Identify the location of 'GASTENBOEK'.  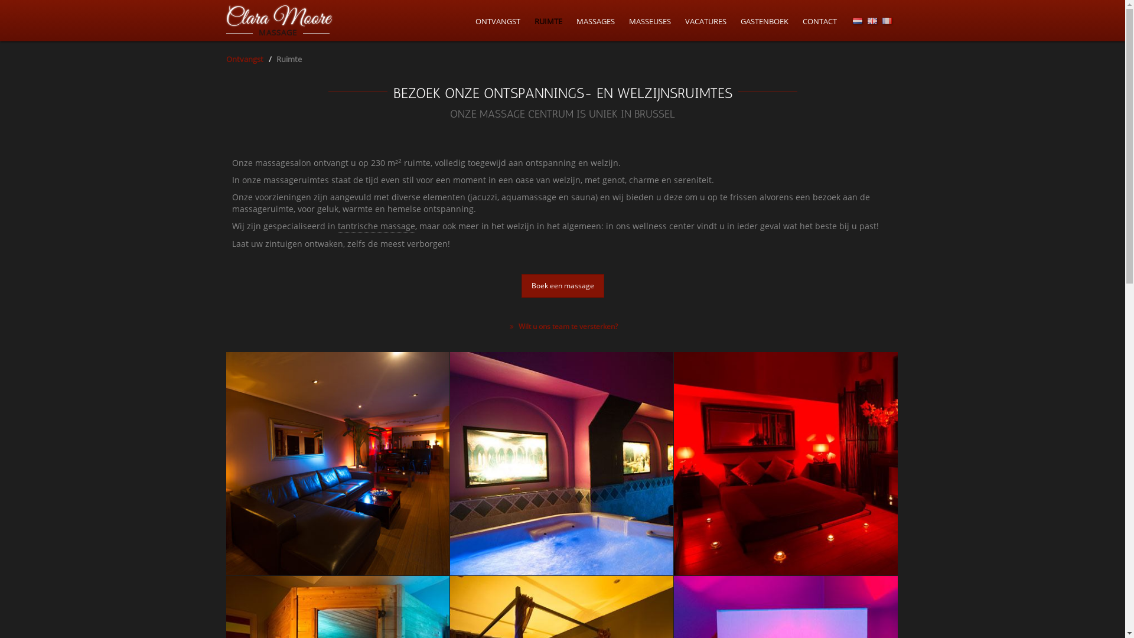
(739, 21).